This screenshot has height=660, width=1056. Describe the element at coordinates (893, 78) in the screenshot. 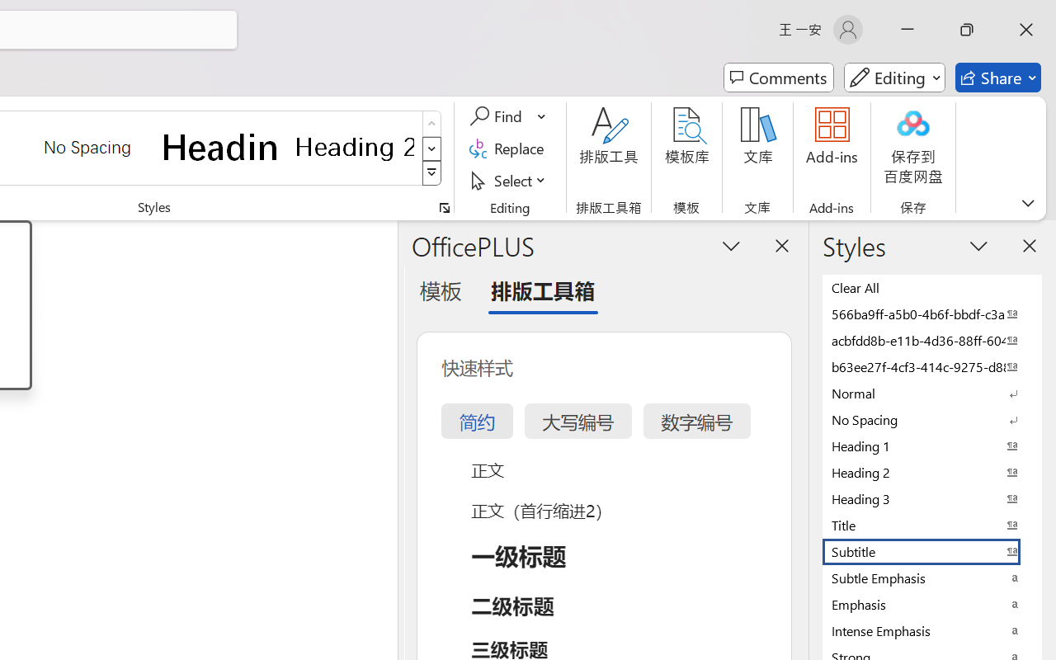

I see `'Mode'` at that location.